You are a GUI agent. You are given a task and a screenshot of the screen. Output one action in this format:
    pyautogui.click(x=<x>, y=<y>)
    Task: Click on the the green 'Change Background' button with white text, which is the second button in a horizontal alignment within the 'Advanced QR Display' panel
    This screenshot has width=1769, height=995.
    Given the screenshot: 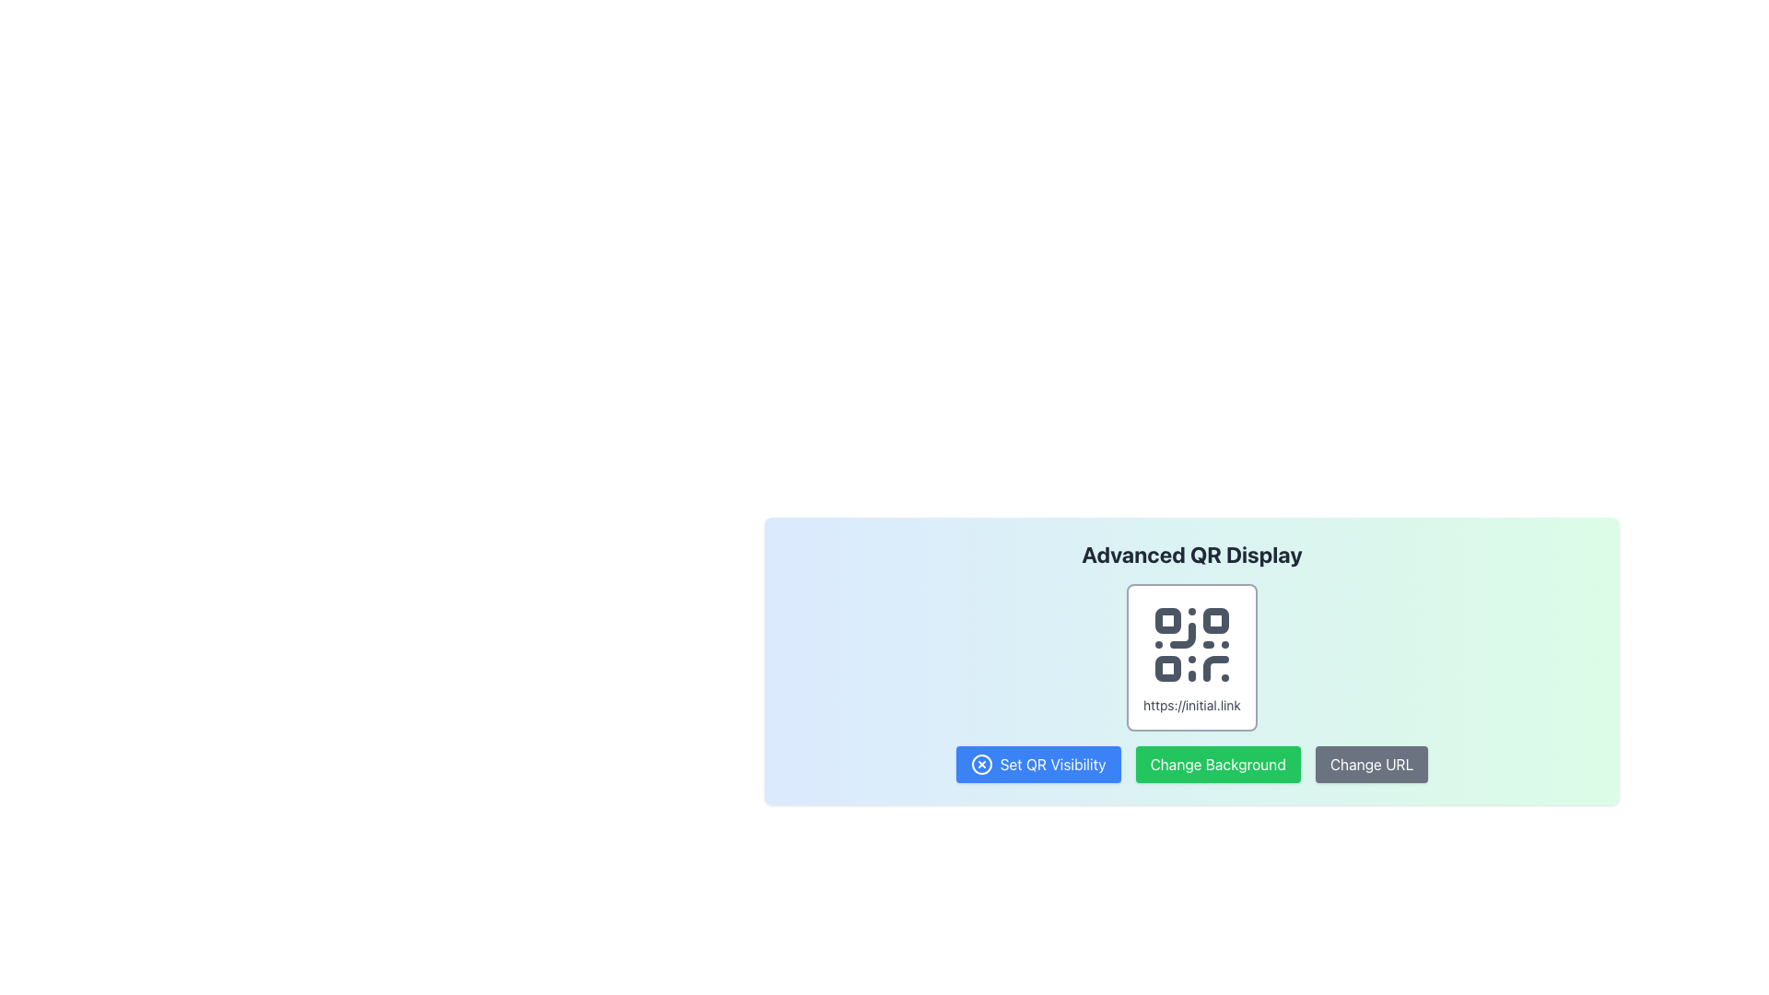 What is the action you would take?
    pyautogui.click(x=1192, y=764)
    